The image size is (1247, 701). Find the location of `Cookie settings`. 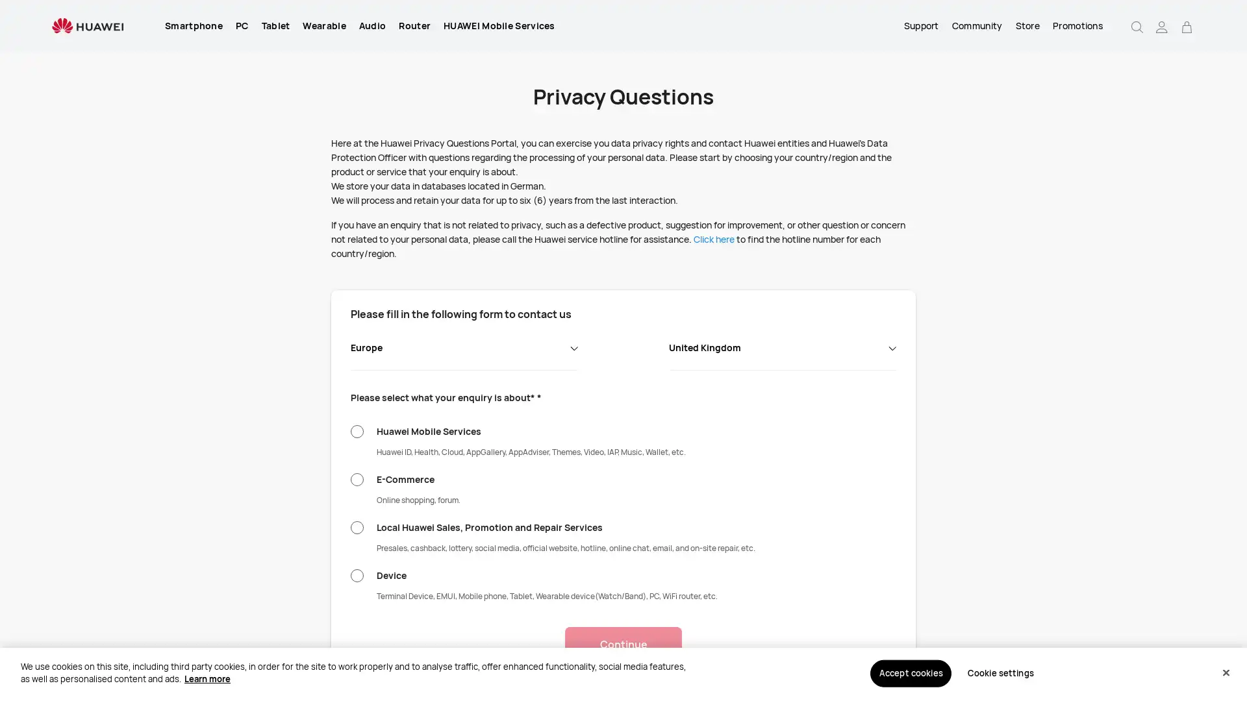

Cookie settings is located at coordinates (1000, 672).